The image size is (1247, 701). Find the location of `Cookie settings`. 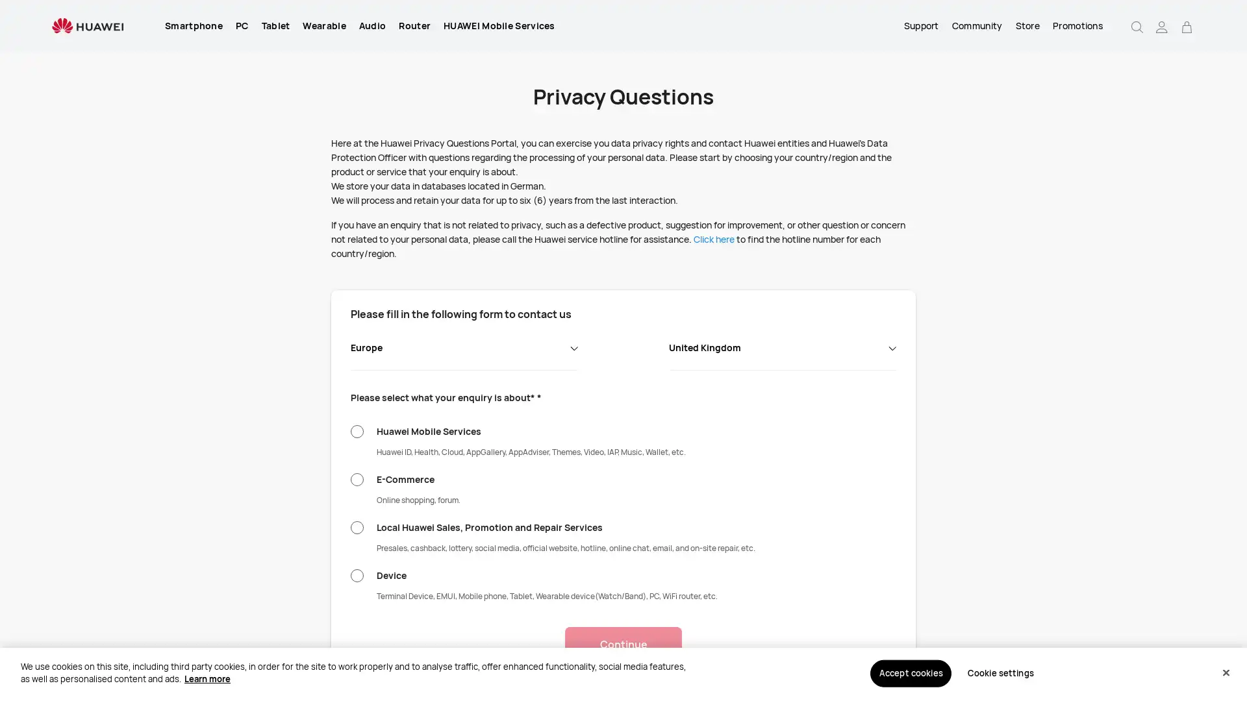

Cookie settings is located at coordinates (1000, 672).